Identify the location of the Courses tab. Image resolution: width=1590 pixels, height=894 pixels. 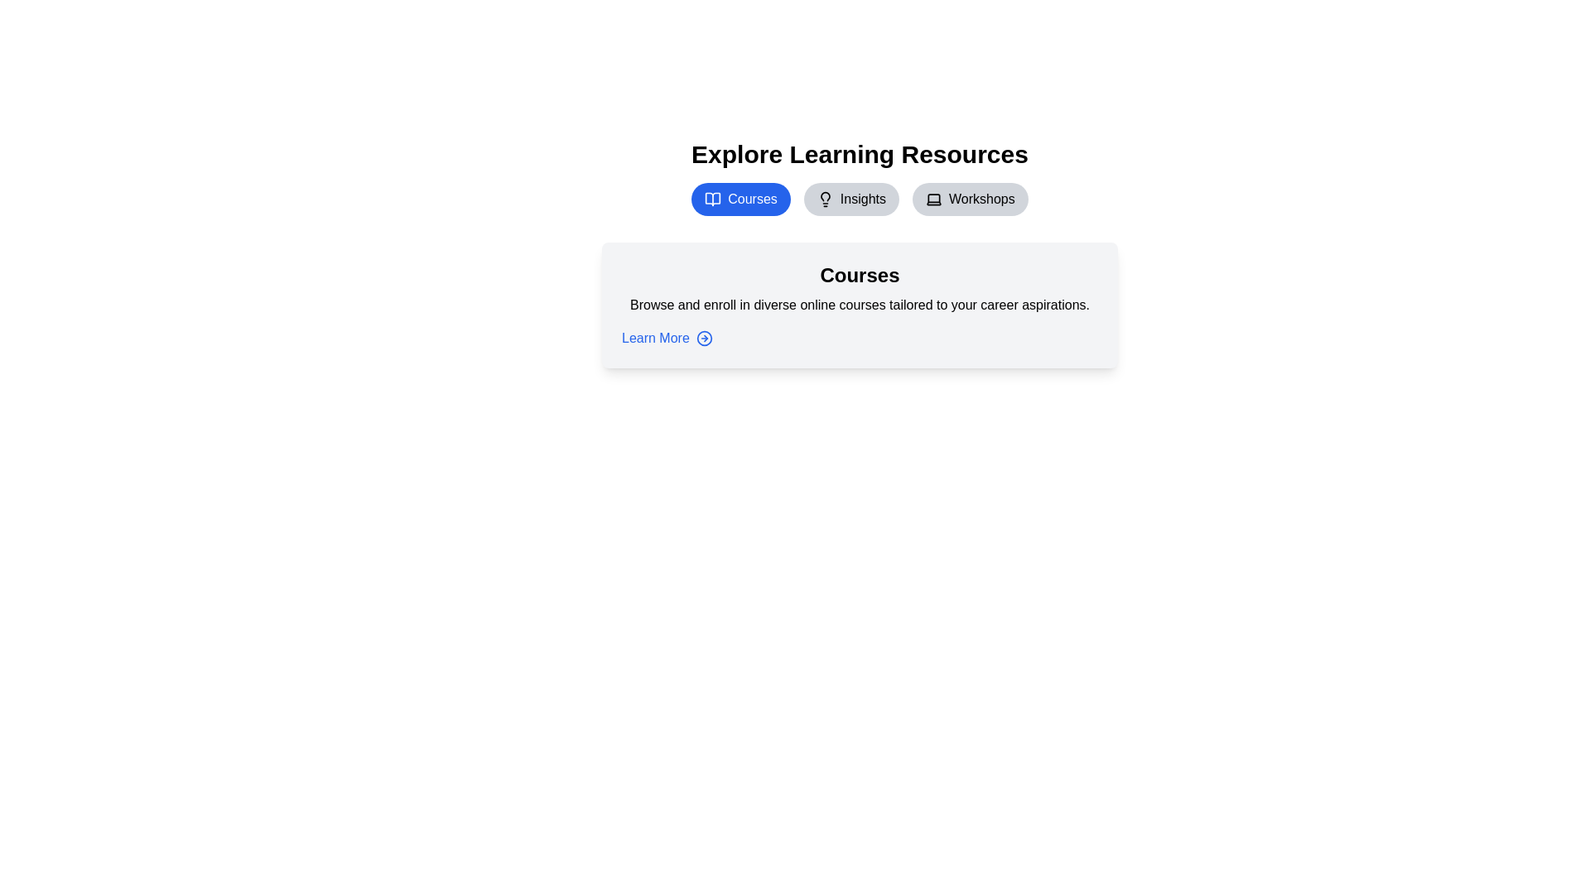
(740, 198).